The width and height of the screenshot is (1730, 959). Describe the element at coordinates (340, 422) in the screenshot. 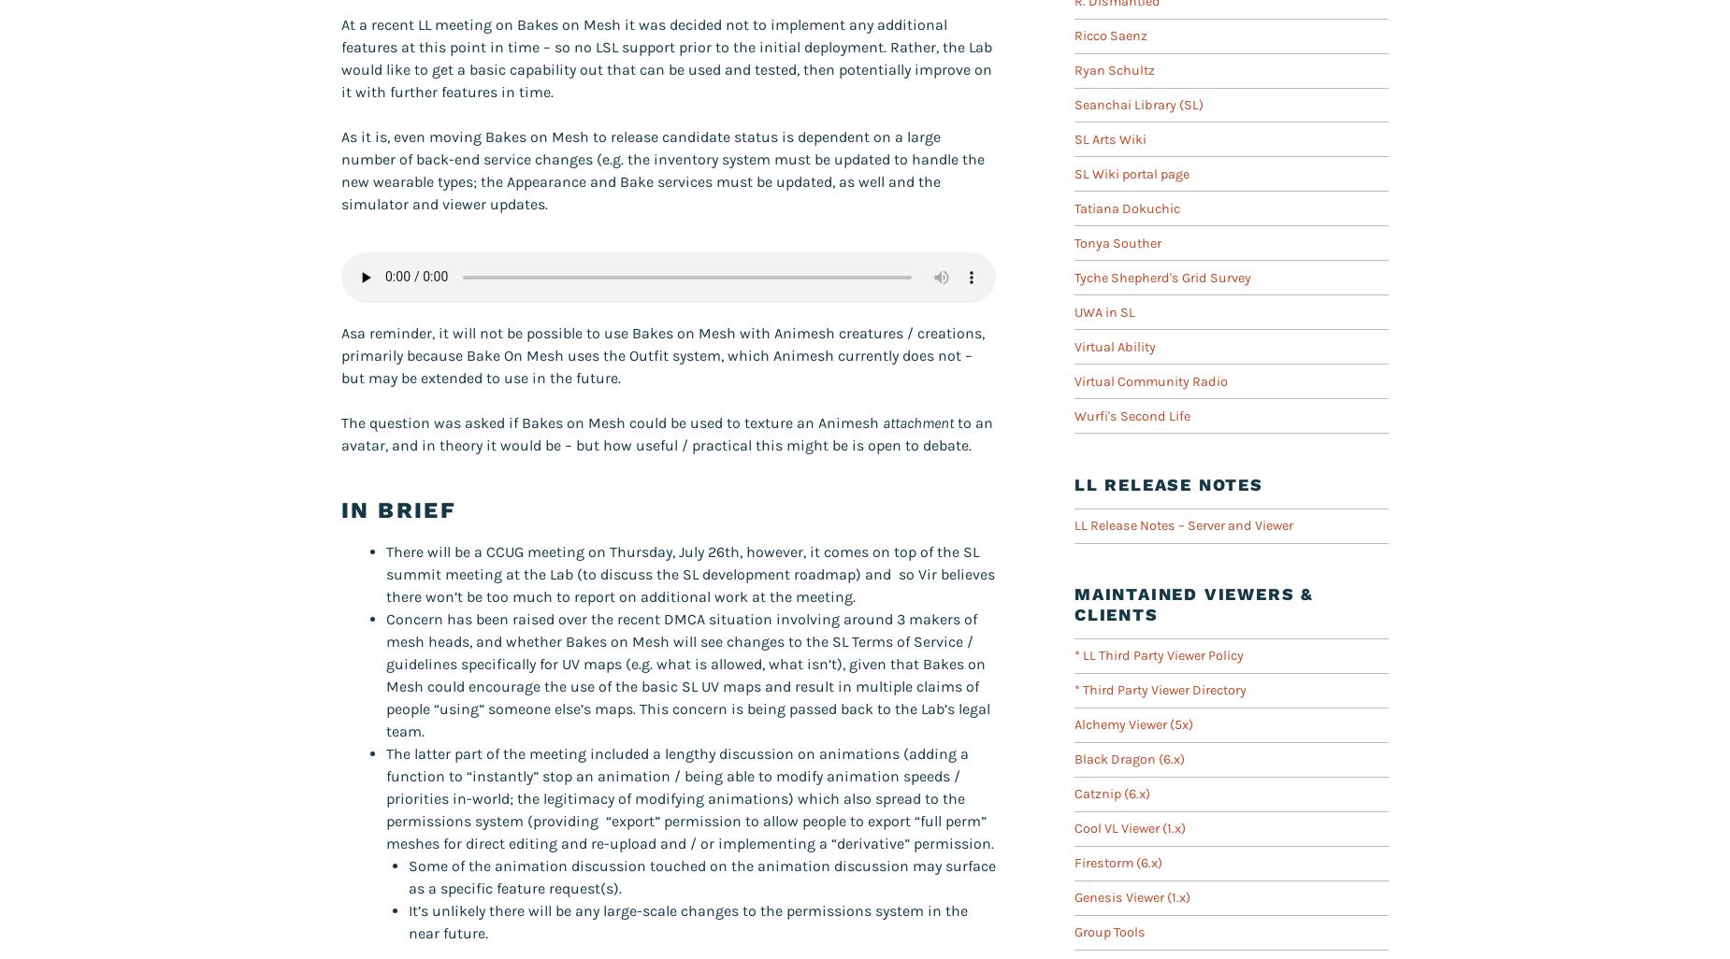

I see `'The question was asked if Bakes on Mesh could be used to texture an Animesh'` at that location.